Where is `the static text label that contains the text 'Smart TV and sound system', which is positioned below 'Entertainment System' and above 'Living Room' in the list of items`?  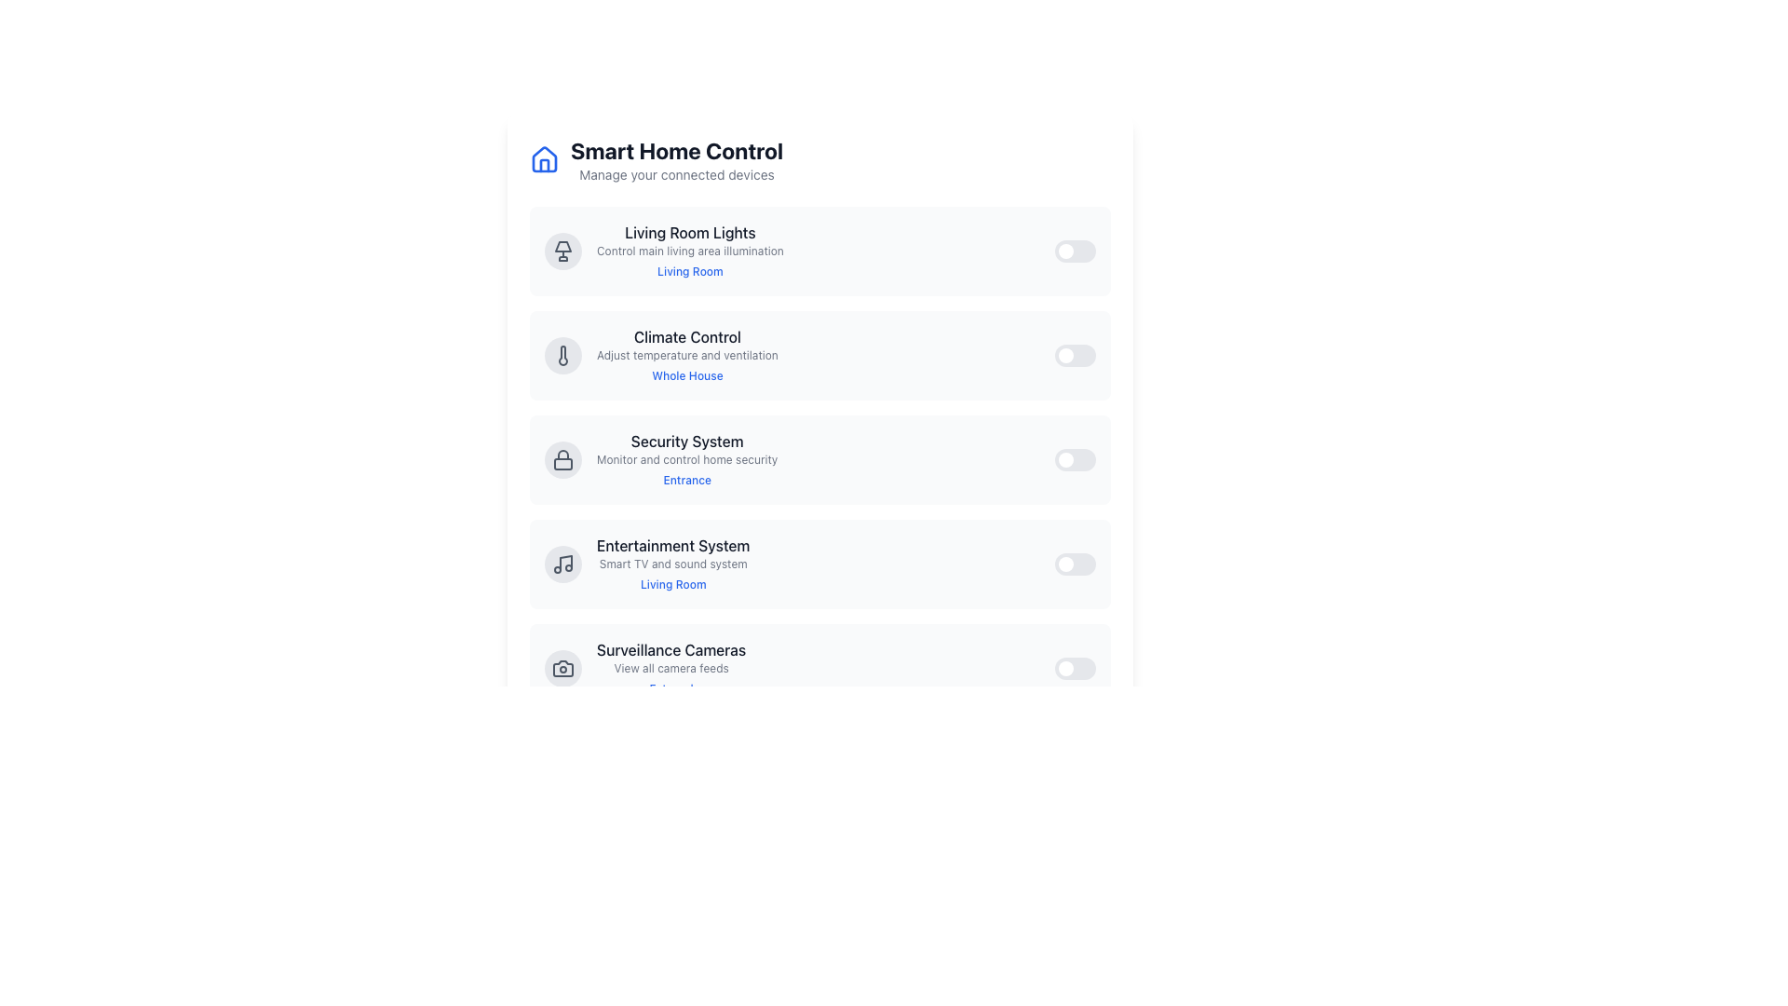 the static text label that contains the text 'Smart TV and sound system', which is positioned below 'Entertainment System' and above 'Living Room' in the list of items is located at coordinates (672, 563).